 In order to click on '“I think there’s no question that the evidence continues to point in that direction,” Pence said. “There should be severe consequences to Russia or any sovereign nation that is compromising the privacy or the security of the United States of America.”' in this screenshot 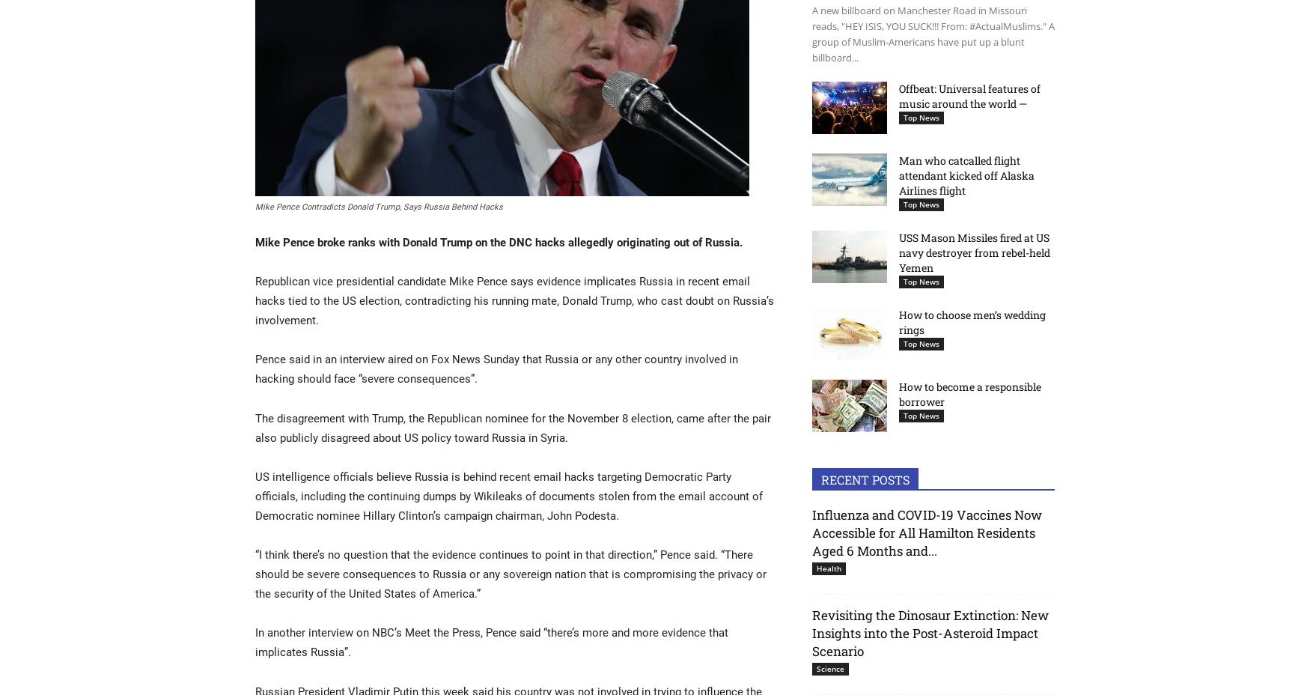, I will do `click(510, 573)`.